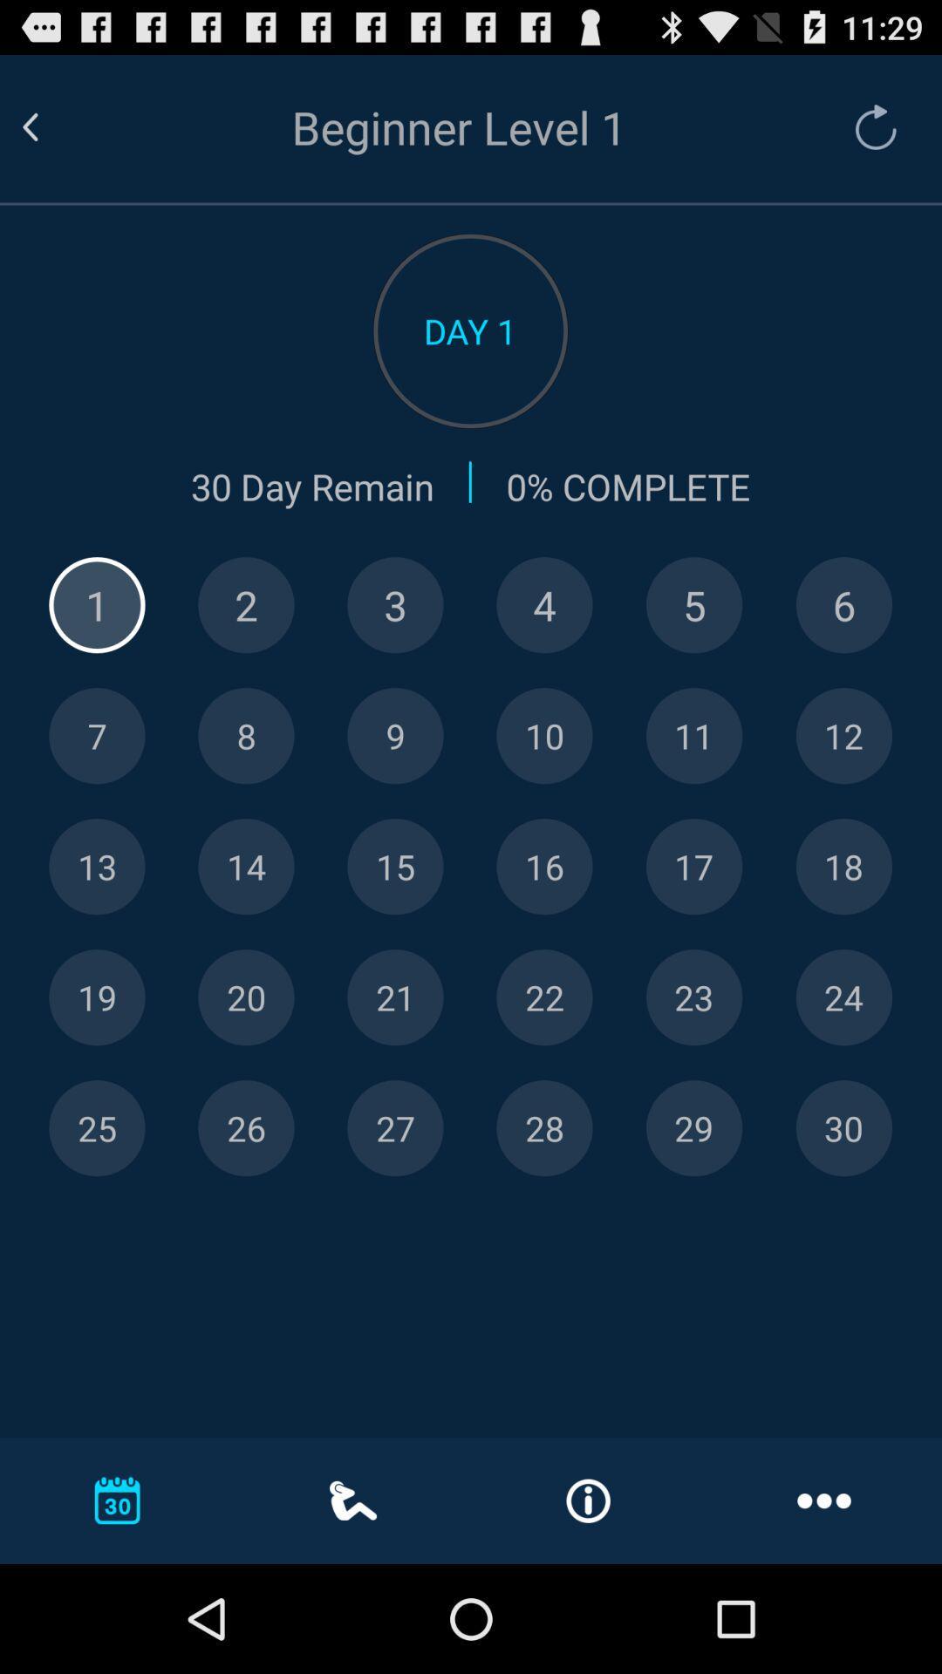  Describe the element at coordinates (246, 646) in the screenshot. I see `the help icon` at that location.